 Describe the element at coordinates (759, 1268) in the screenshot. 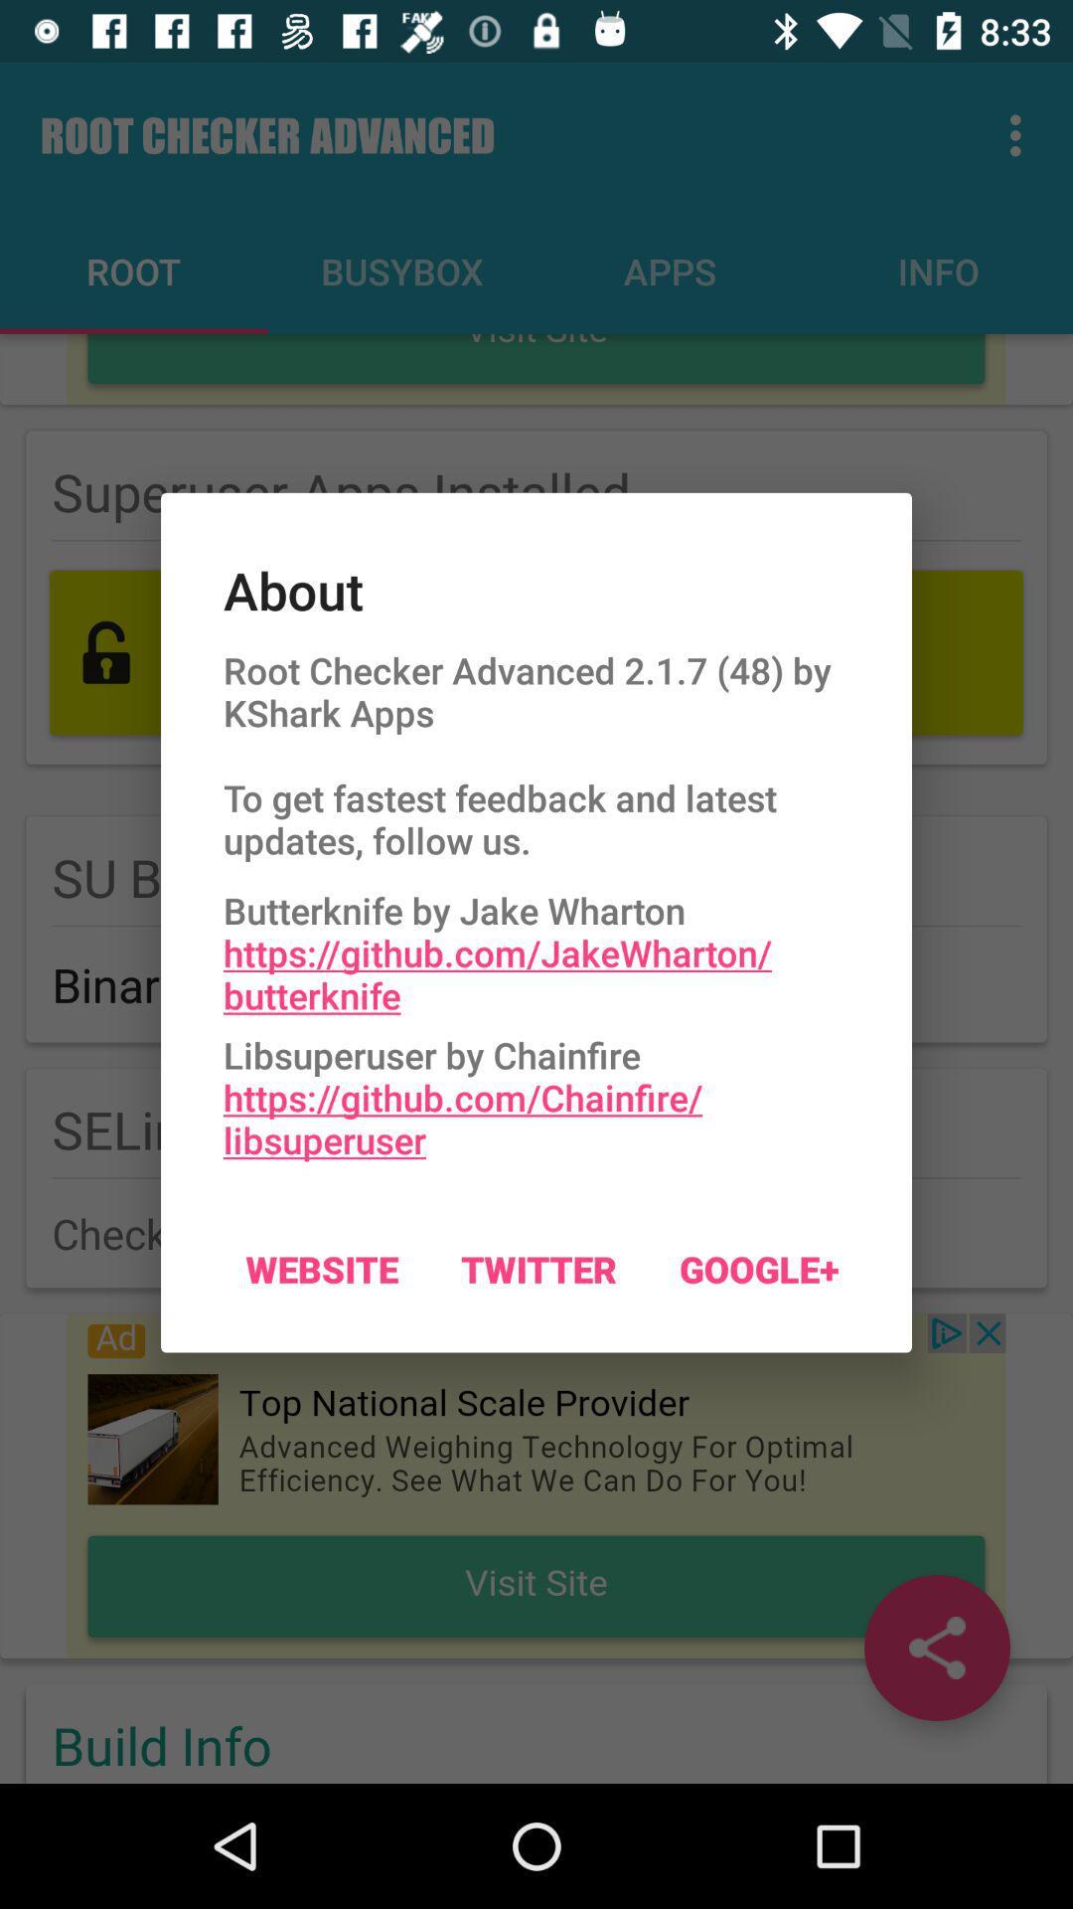

I see `icon next to twitter item` at that location.